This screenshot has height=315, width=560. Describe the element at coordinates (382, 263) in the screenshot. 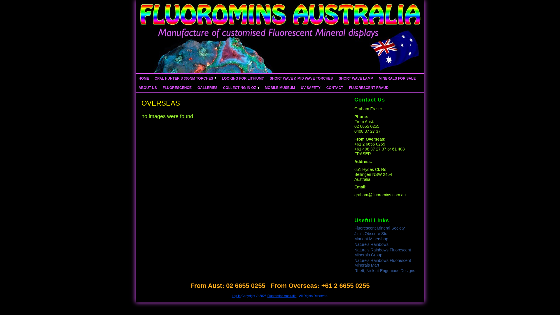

I see `'Nature's Rainbows Fluorescent Minerals Mart'` at that location.